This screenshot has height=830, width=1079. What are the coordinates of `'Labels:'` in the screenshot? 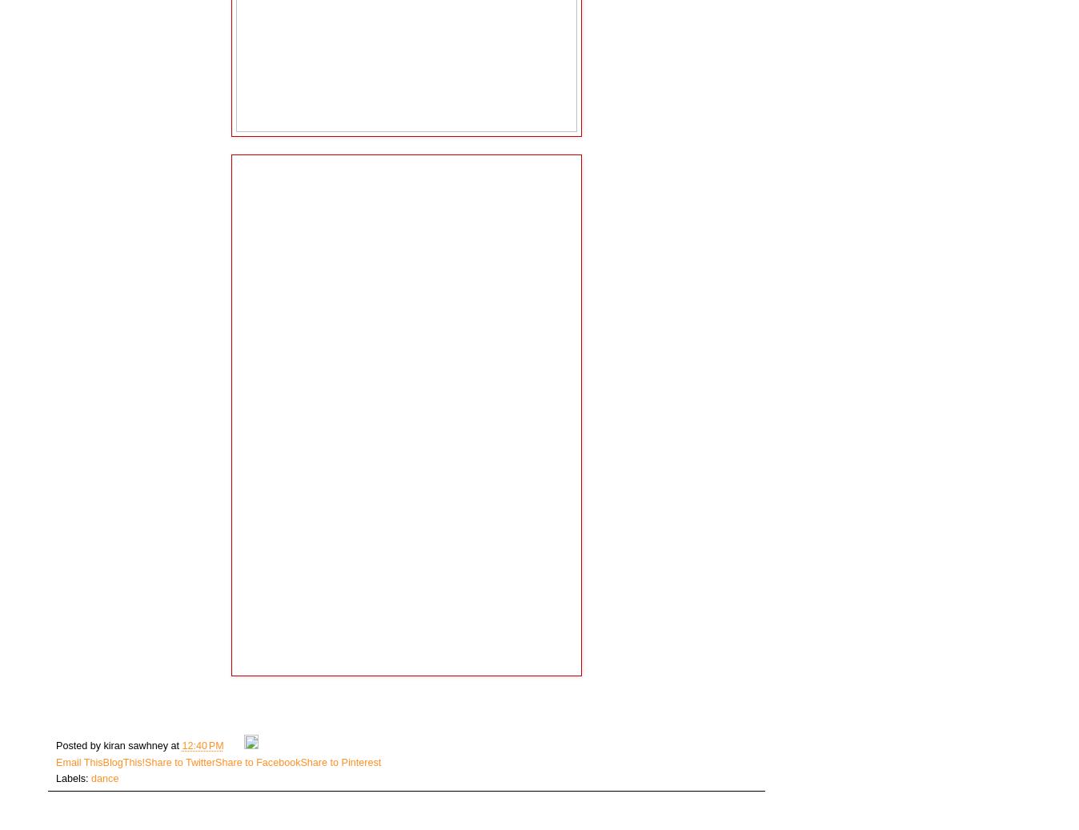 It's located at (54, 777).